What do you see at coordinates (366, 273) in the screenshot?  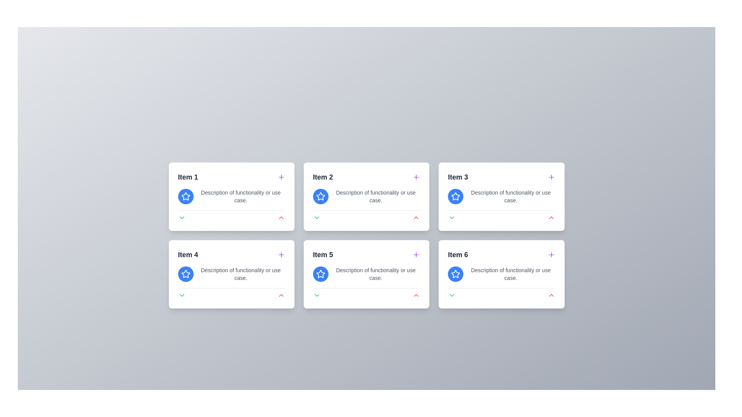 I see `the text label located next to the circular blue button with a white star icon in the 'Item 5' card, positioned in the middle of the second row` at bounding box center [366, 273].